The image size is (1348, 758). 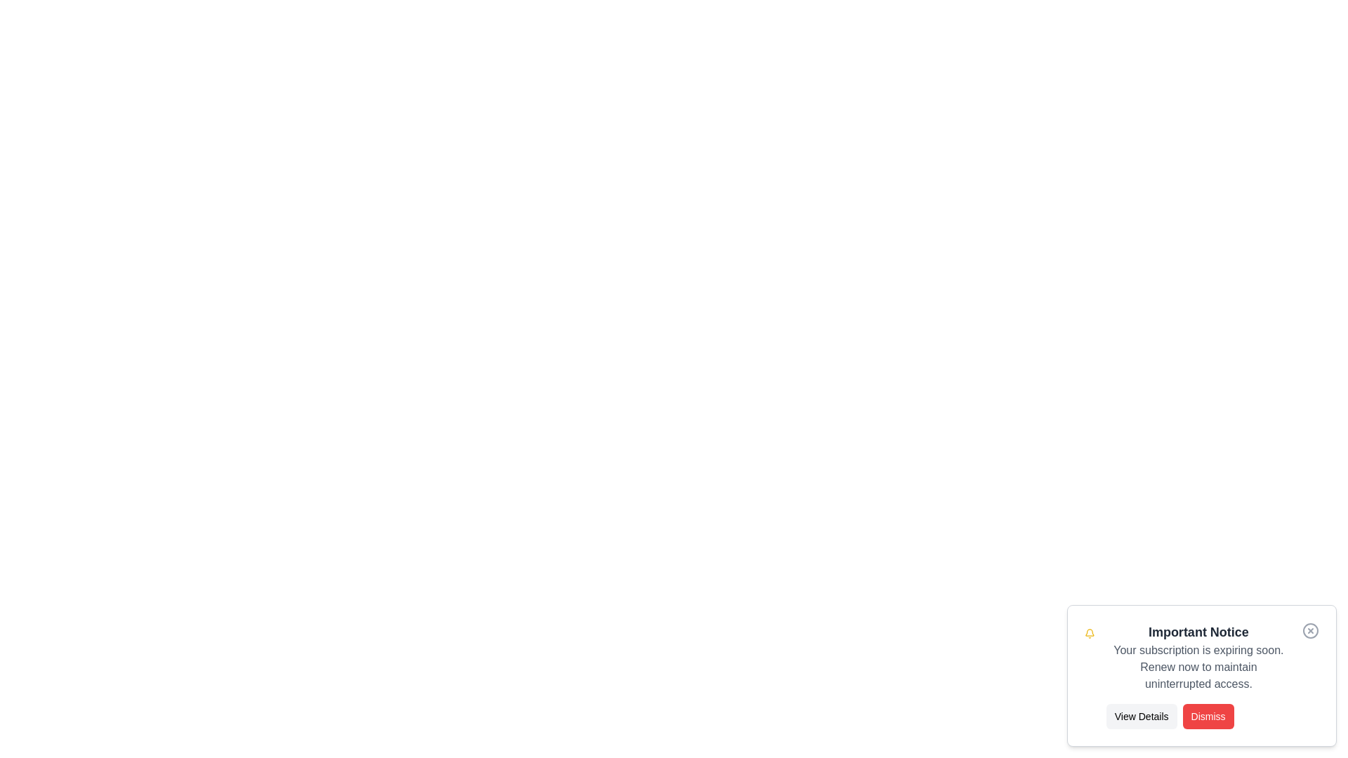 What do you see at coordinates (1310, 630) in the screenshot?
I see `the circular SVG component with a 10-pixel radius located in the top-right corner of the notification panel, which provides a subscription-related warning` at bounding box center [1310, 630].